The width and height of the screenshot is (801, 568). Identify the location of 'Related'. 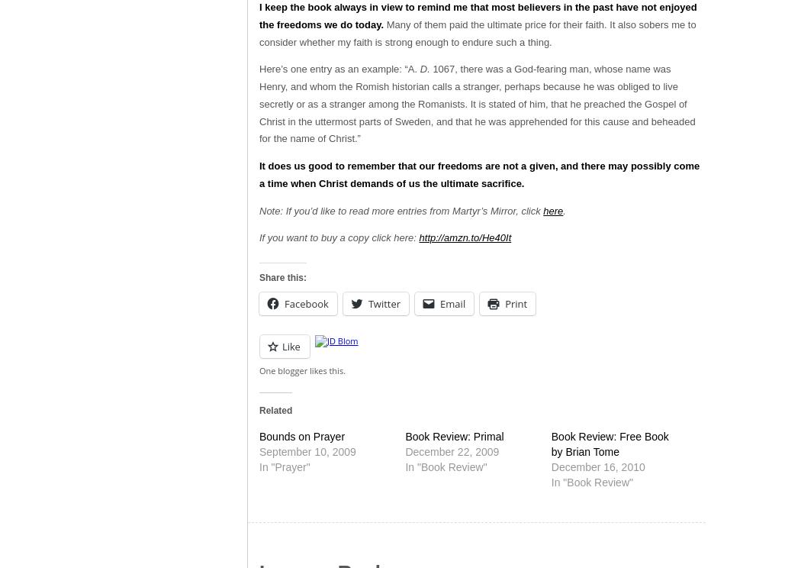
(275, 409).